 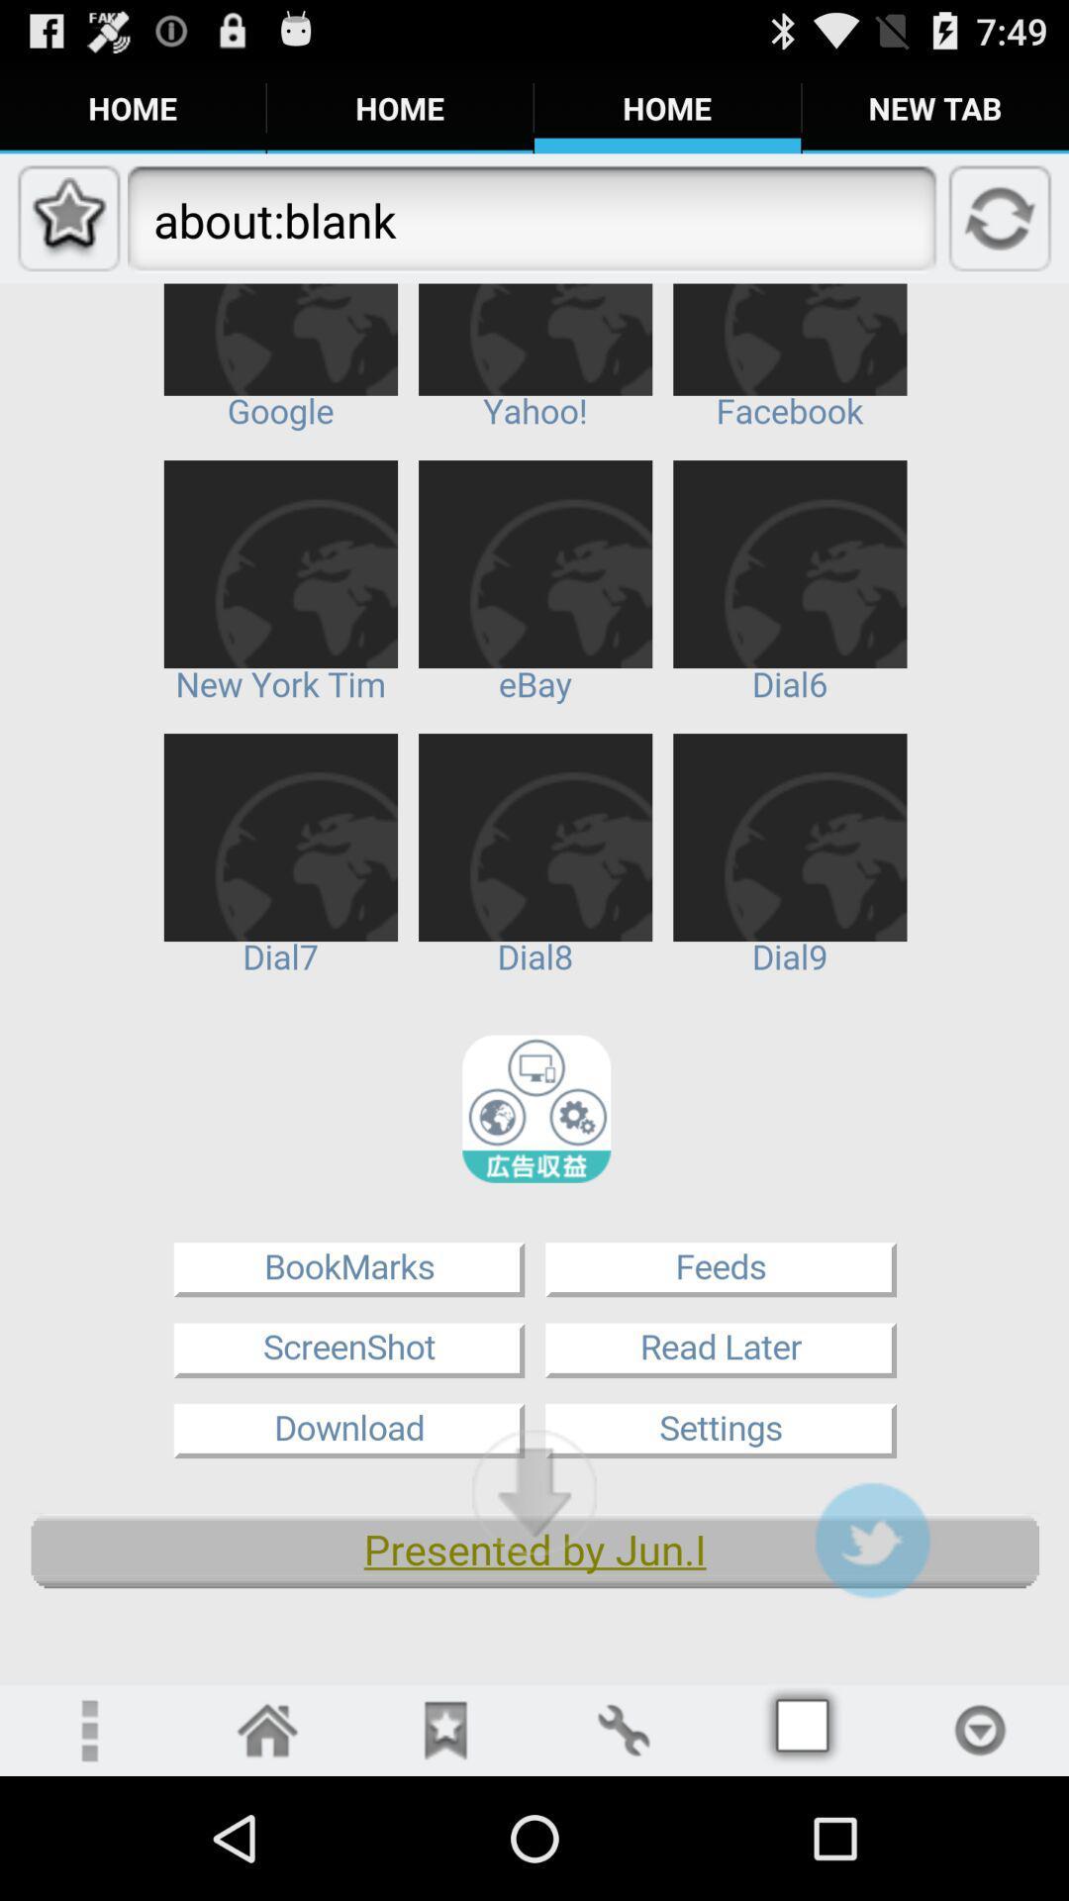 I want to click on switch to bookmark, so click(x=445, y=1729).